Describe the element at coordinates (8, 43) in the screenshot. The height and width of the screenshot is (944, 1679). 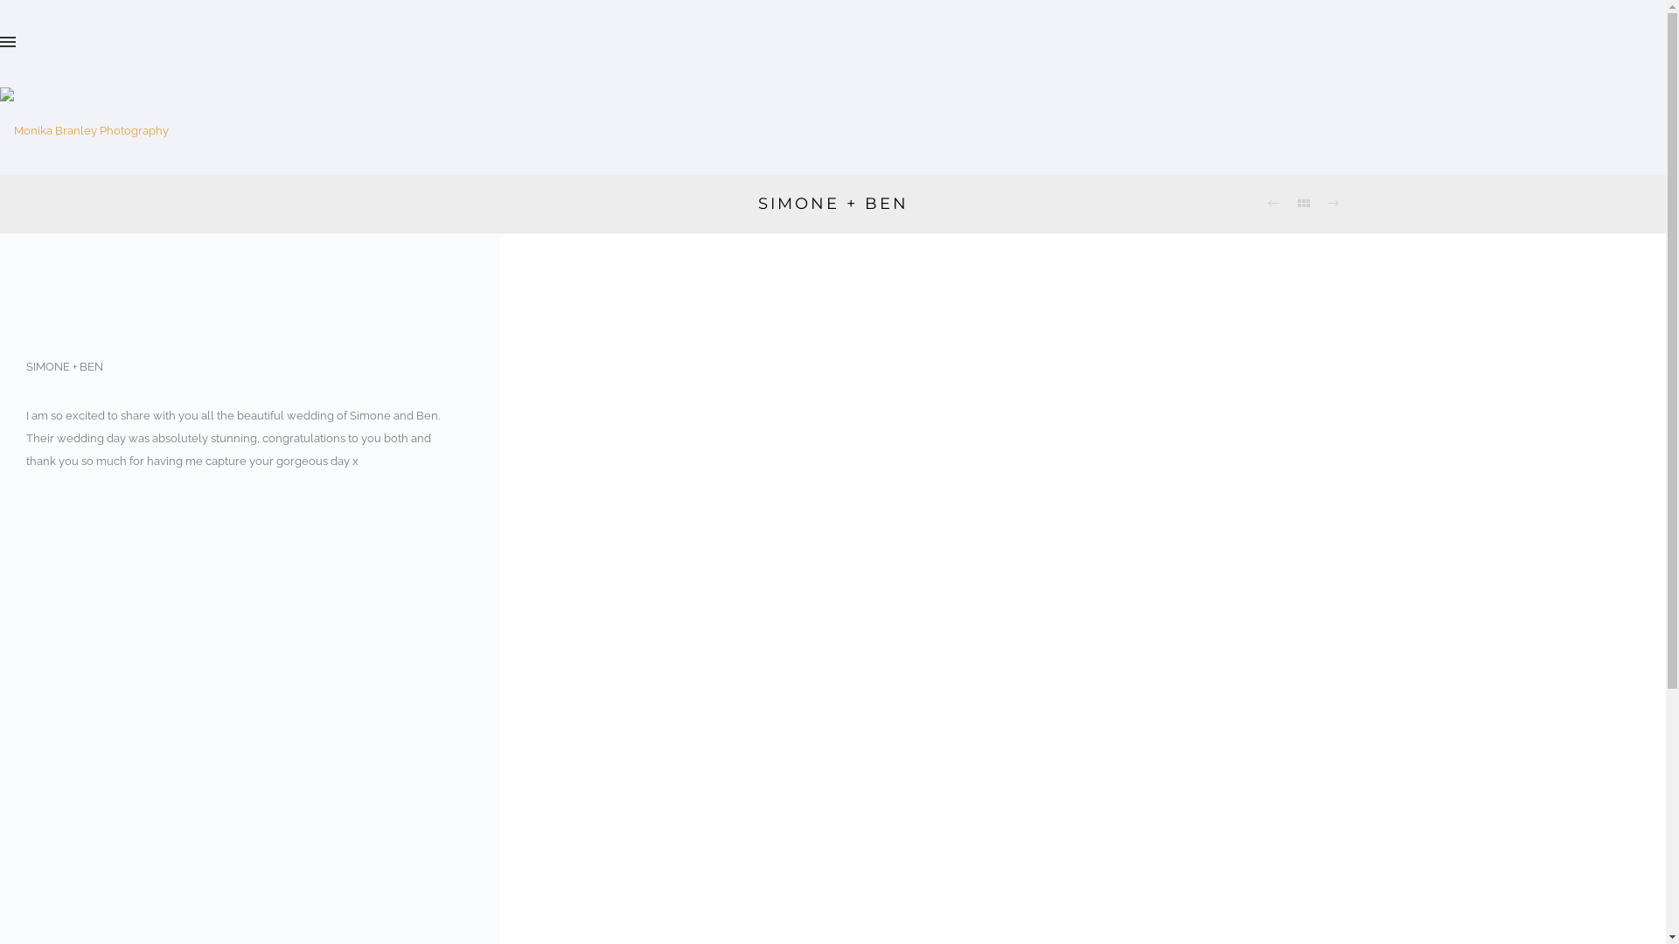
I see `'Hamburger Menu Controller'` at that location.